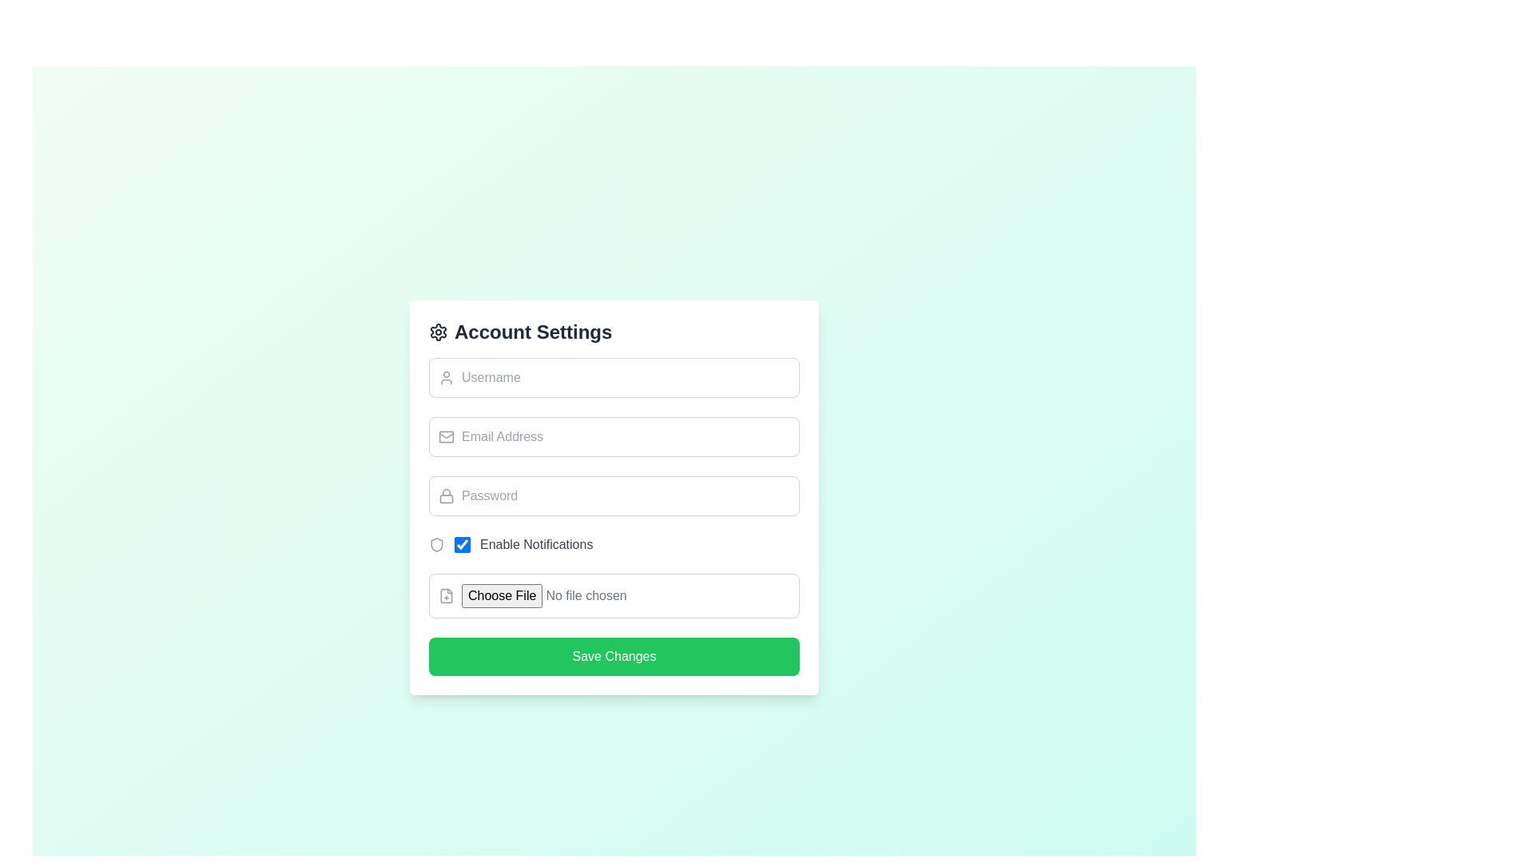 The width and height of the screenshot is (1534, 863). What do you see at coordinates (437, 544) in the screenshot?
I see `the shield icon located near the top-left corner of the settings panel, adjacent to the 'Account Settings' label` at bounding box center [437, 544].